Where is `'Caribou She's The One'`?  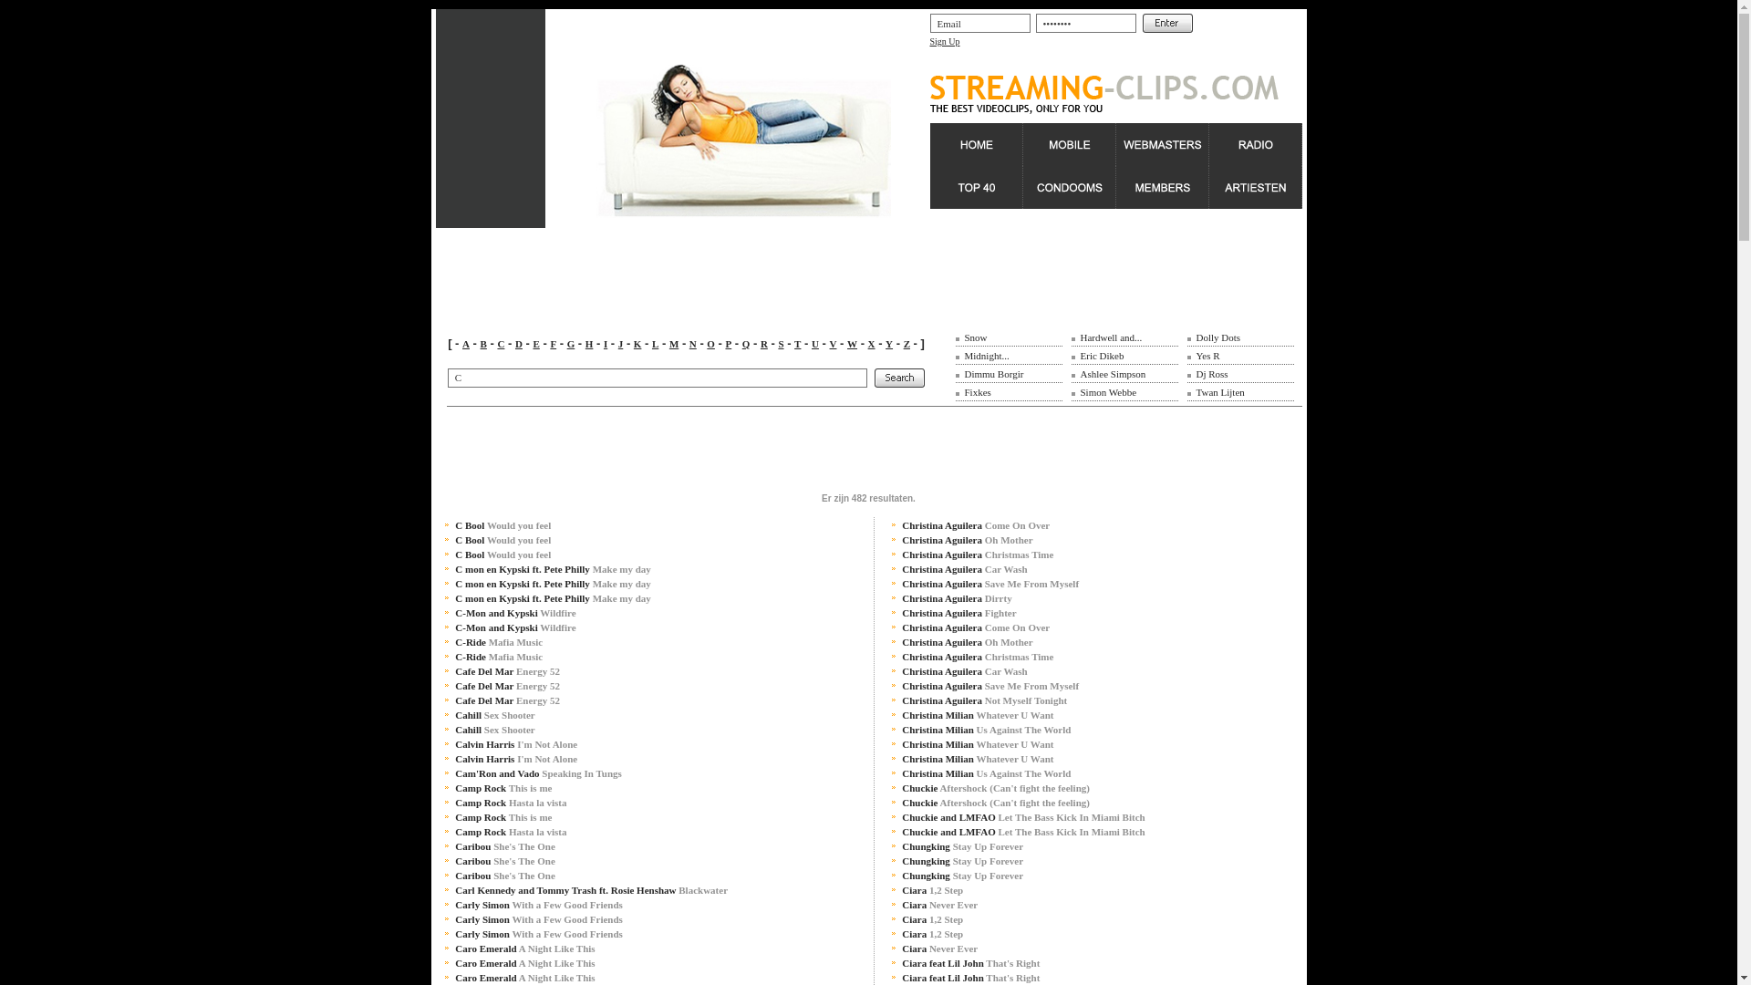
'Caribou She's The One' is located at coordinates (504, 846).